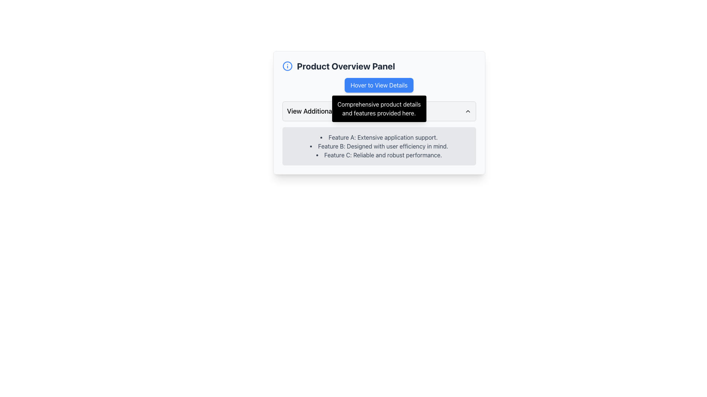  What do you see at coordinates (287, 66) in the screenshot?
I see `the circular blue icon with a white border containing the letter 'i', located at the top left of the 'Product Overview Panel' header` at bounding box center [287, 66].